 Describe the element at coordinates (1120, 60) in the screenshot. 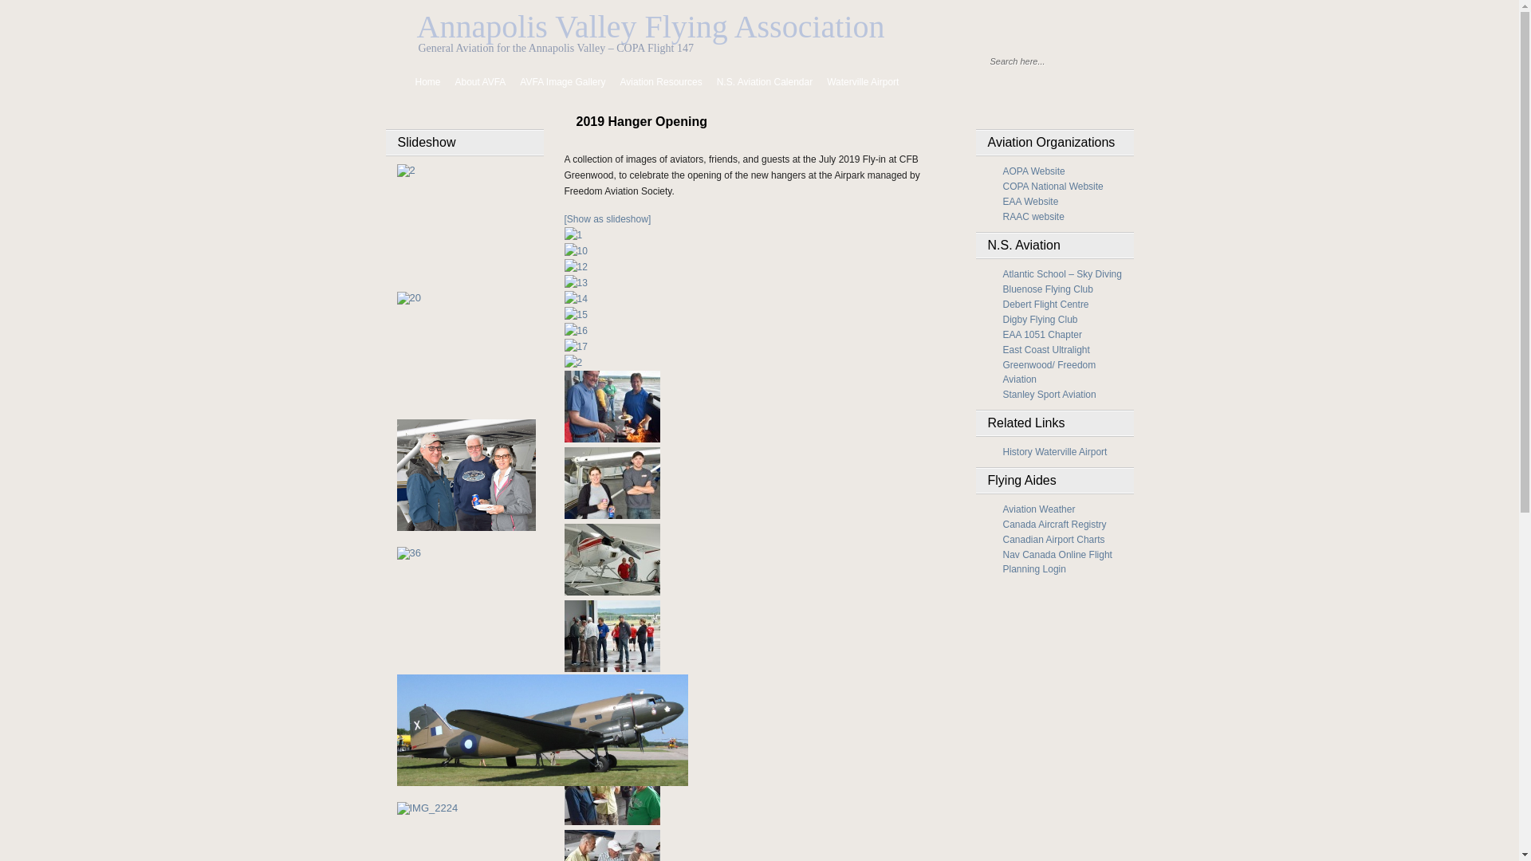

I see `'Find'` at that location.